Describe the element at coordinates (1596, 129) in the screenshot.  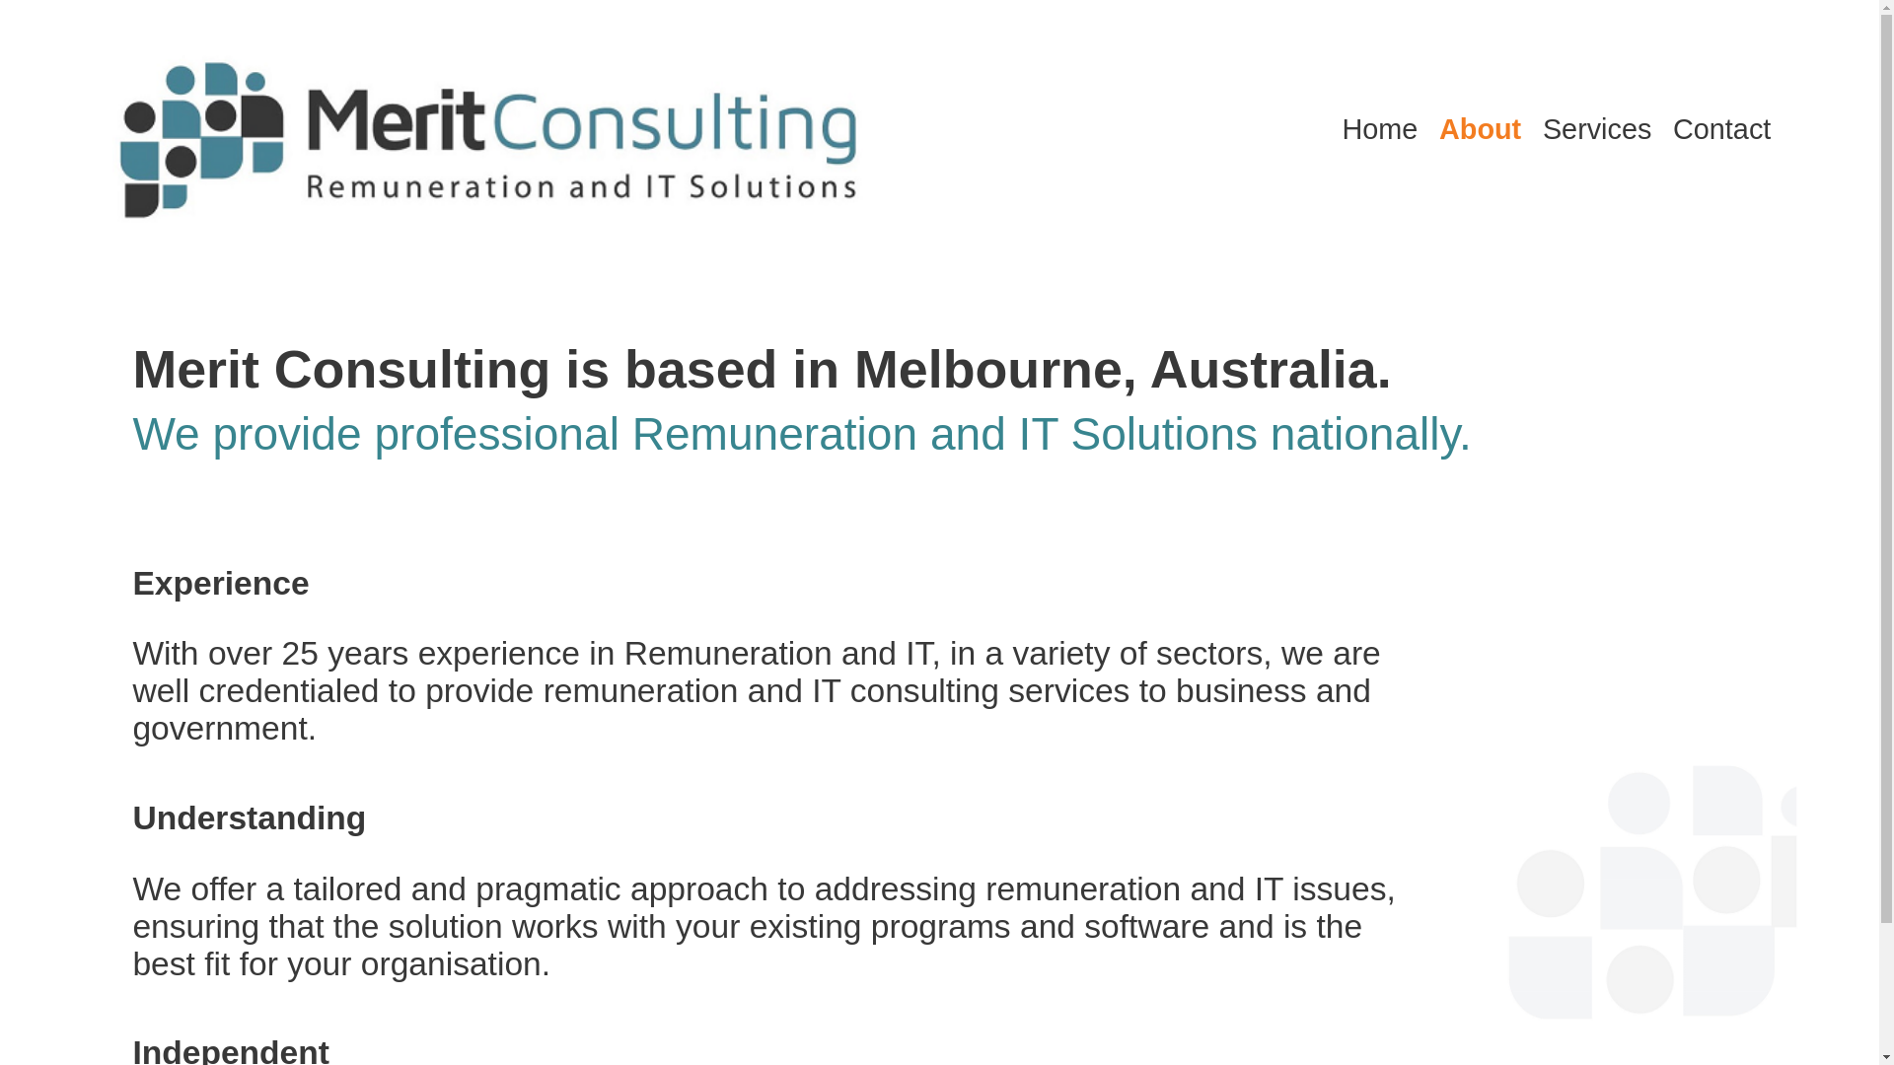
I see `'Services'` at that location.